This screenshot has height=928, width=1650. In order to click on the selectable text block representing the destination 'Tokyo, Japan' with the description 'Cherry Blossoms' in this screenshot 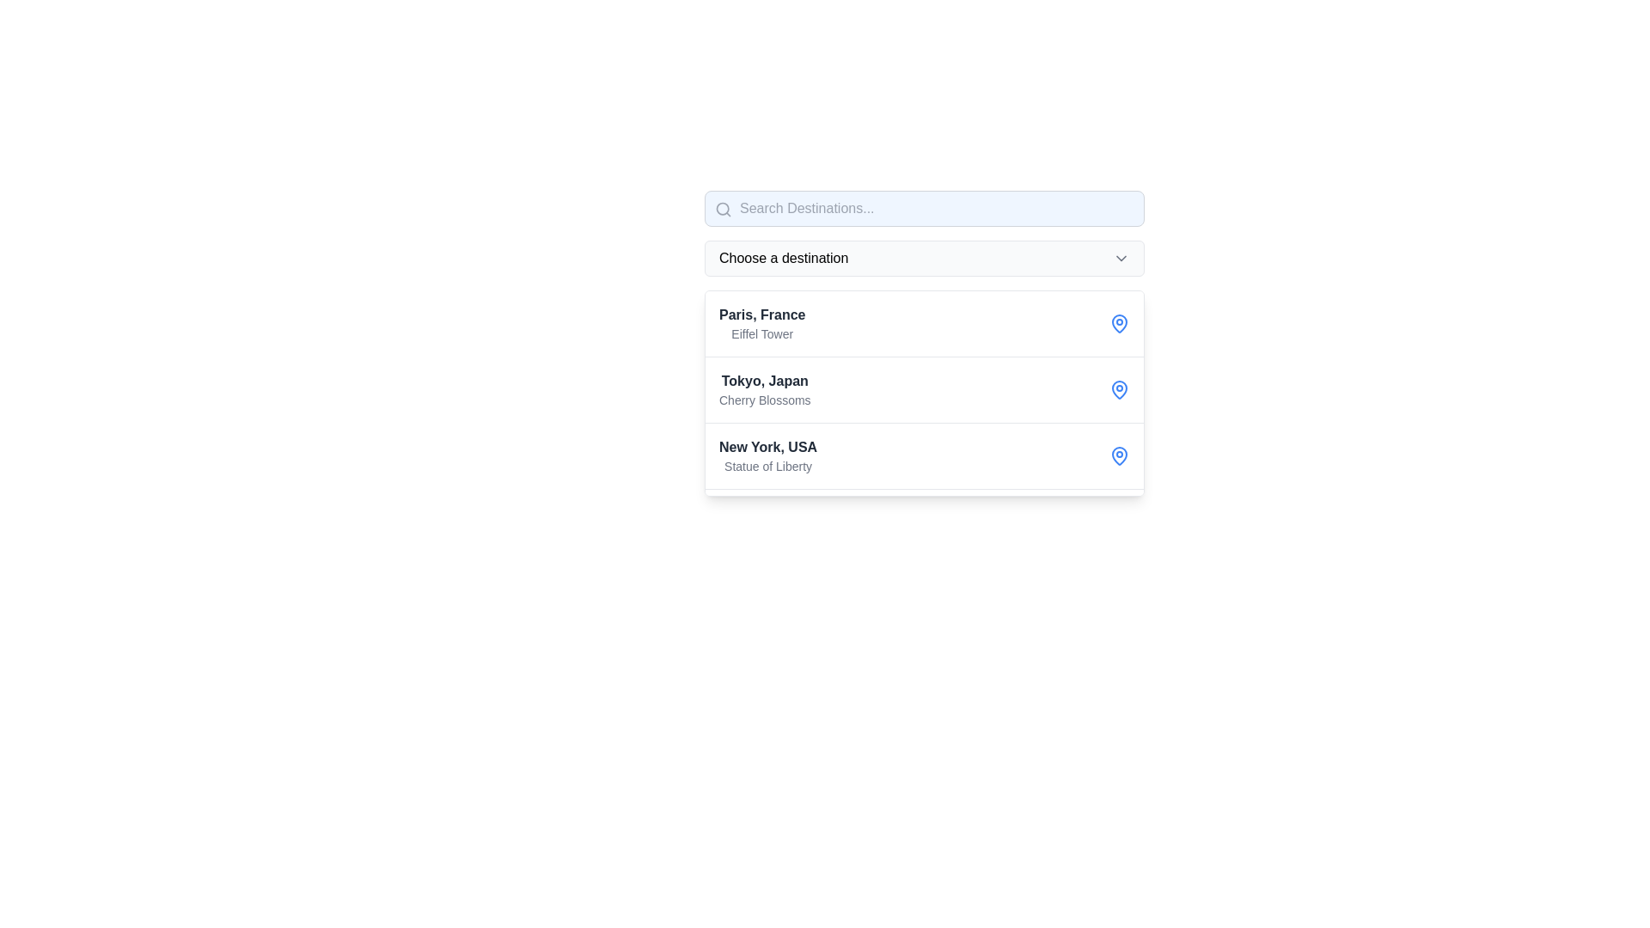, I will do `click(764, 390)`.